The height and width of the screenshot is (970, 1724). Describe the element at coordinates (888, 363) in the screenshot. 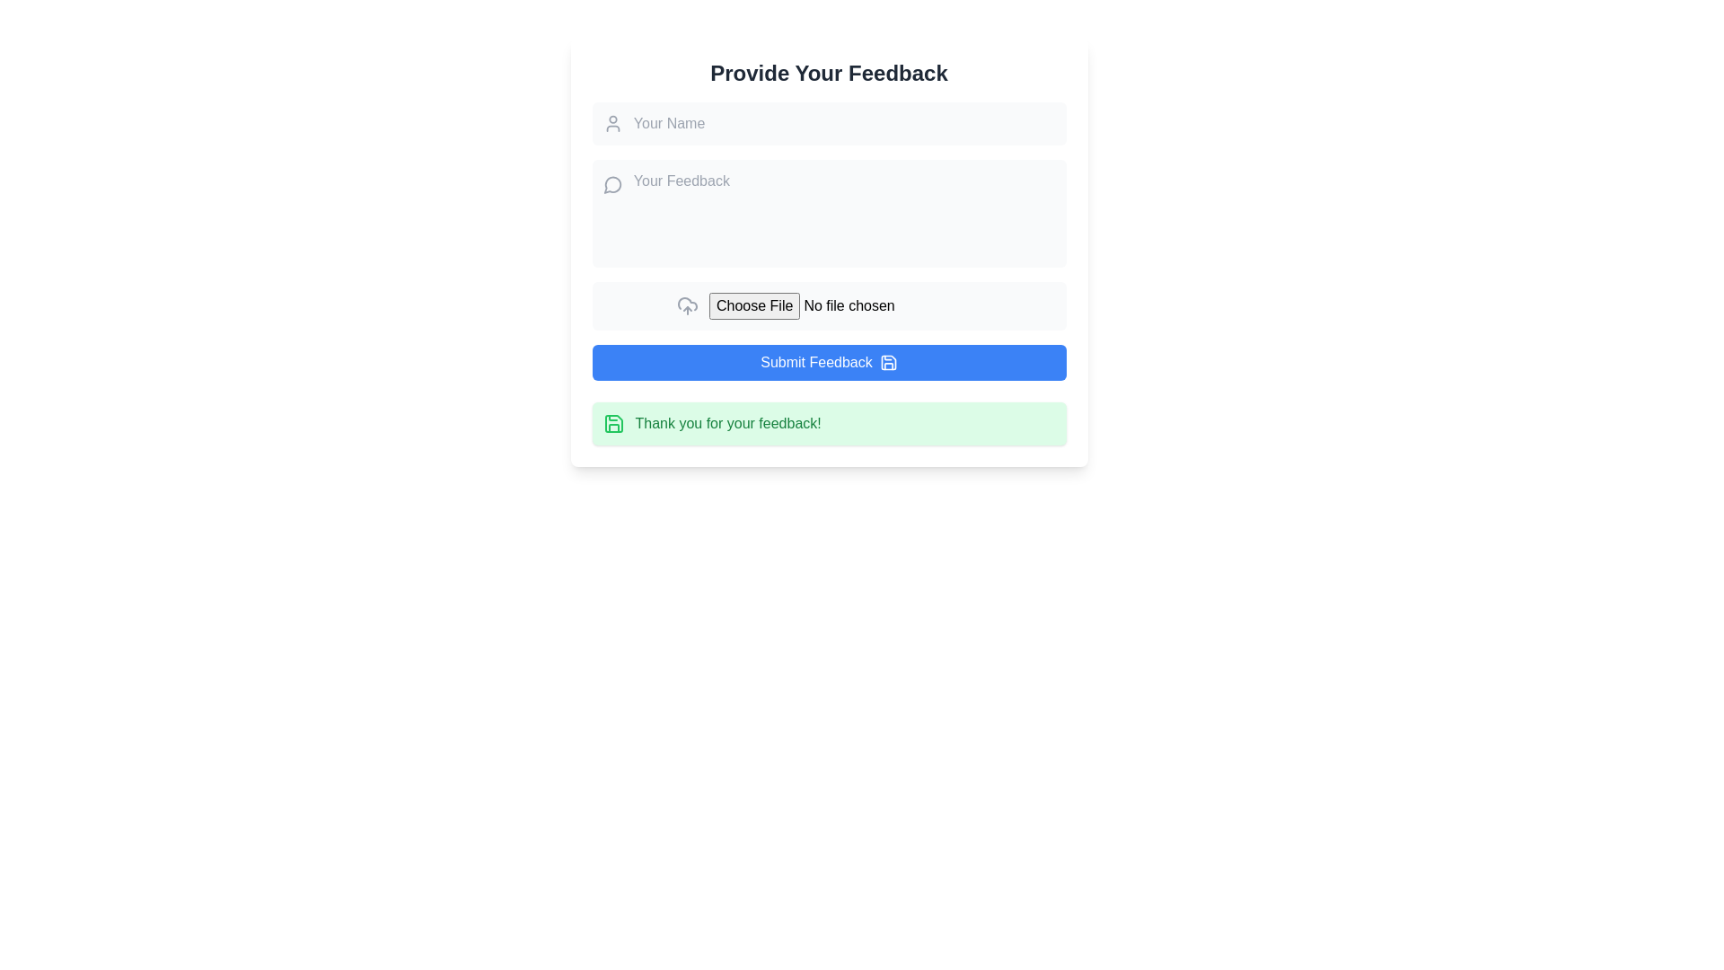

I see `the save icon which resembles a diskette symbol, located within the blue 'Submit Feedback' button` at that location.